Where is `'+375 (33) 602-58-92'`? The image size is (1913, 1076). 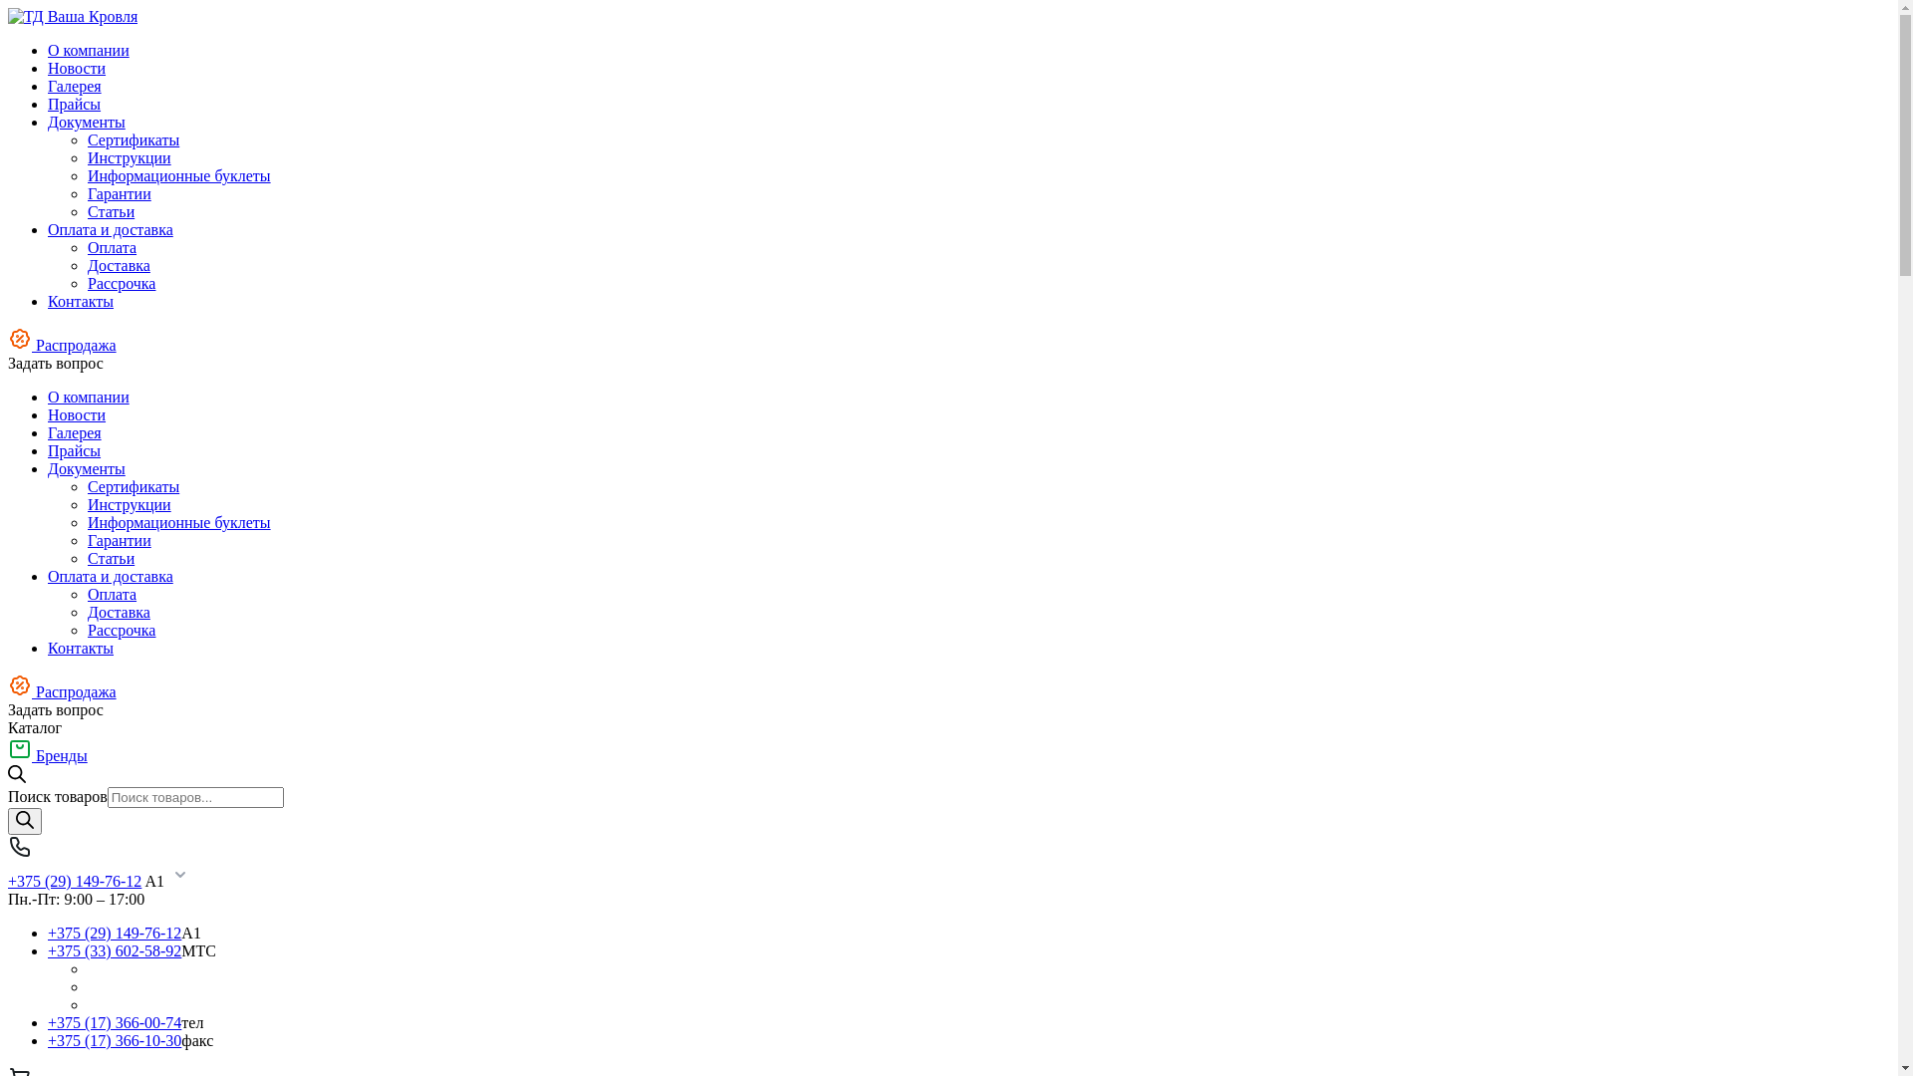
'+375 (33) 602-58-92' is located at coordinates (114, 949).